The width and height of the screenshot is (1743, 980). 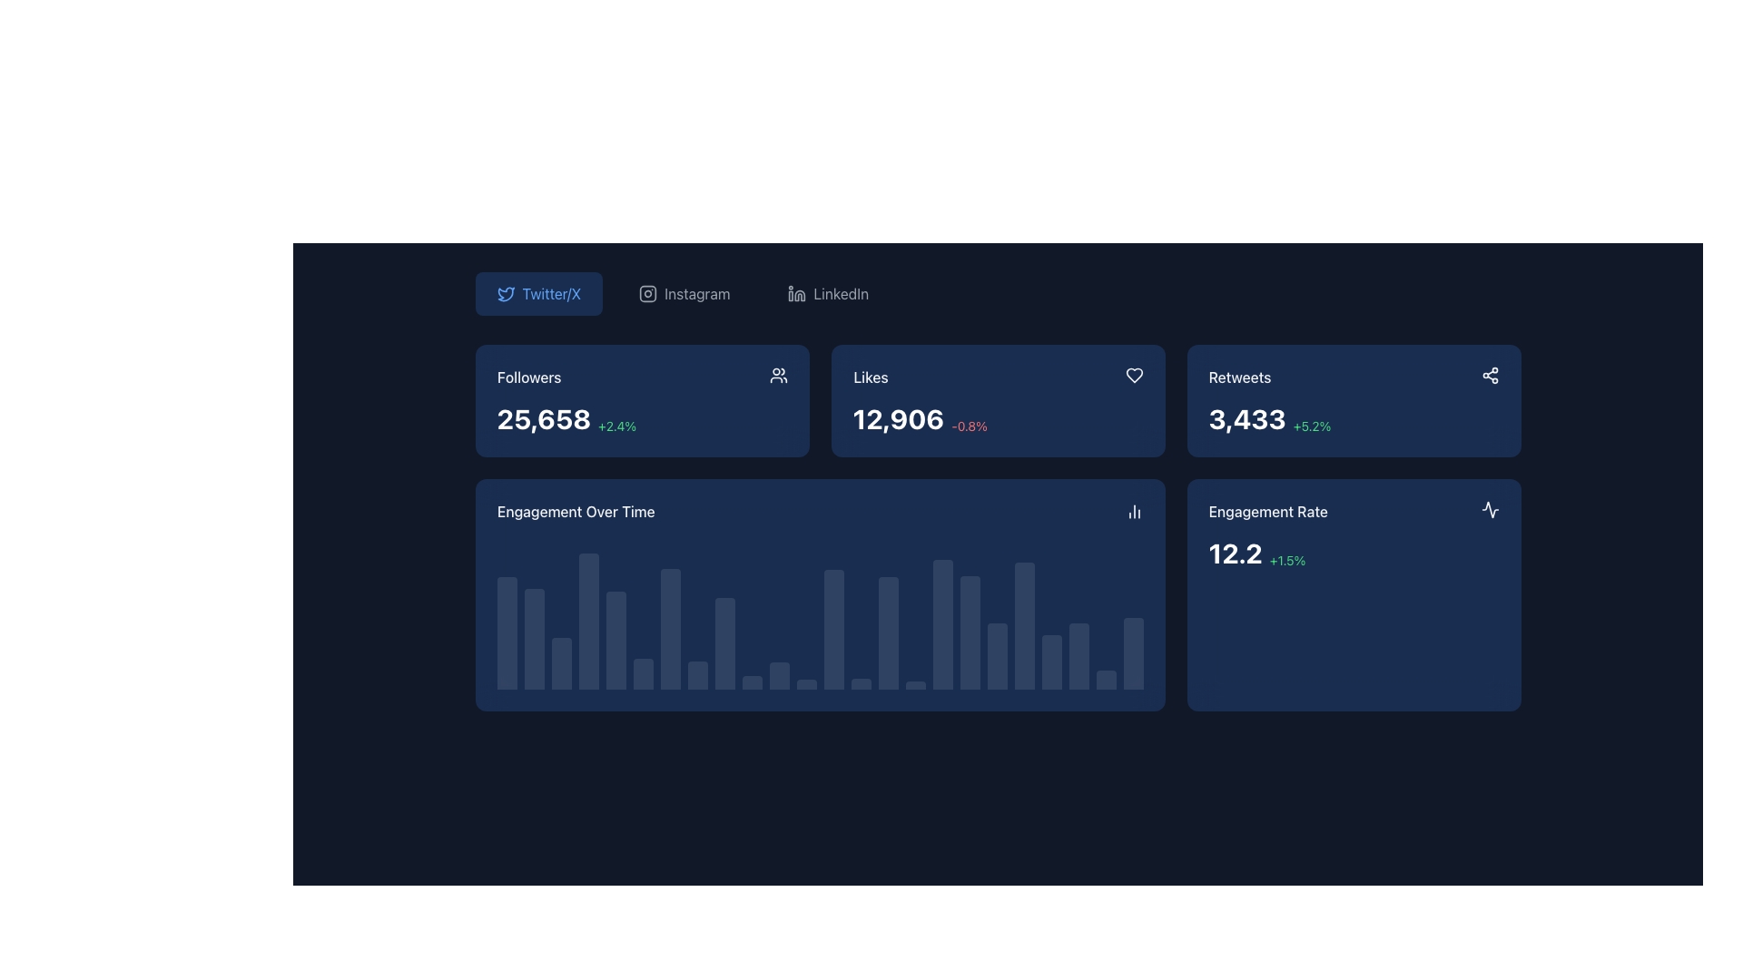 I want to click on the third bar from the left in the 'Engagement Over Time' bar chart, so click(x=560, y=663).